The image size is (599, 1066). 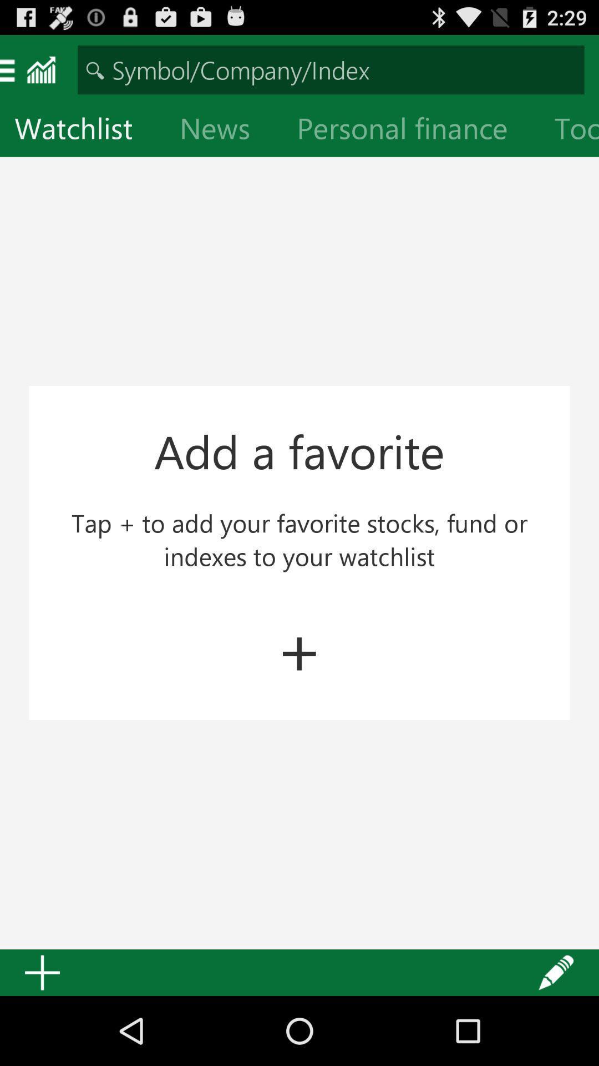 What do you see at coordinates (224, 130) in the screenshot?
I see `the icon above add a favorite item` at bounding box center [224, 130].